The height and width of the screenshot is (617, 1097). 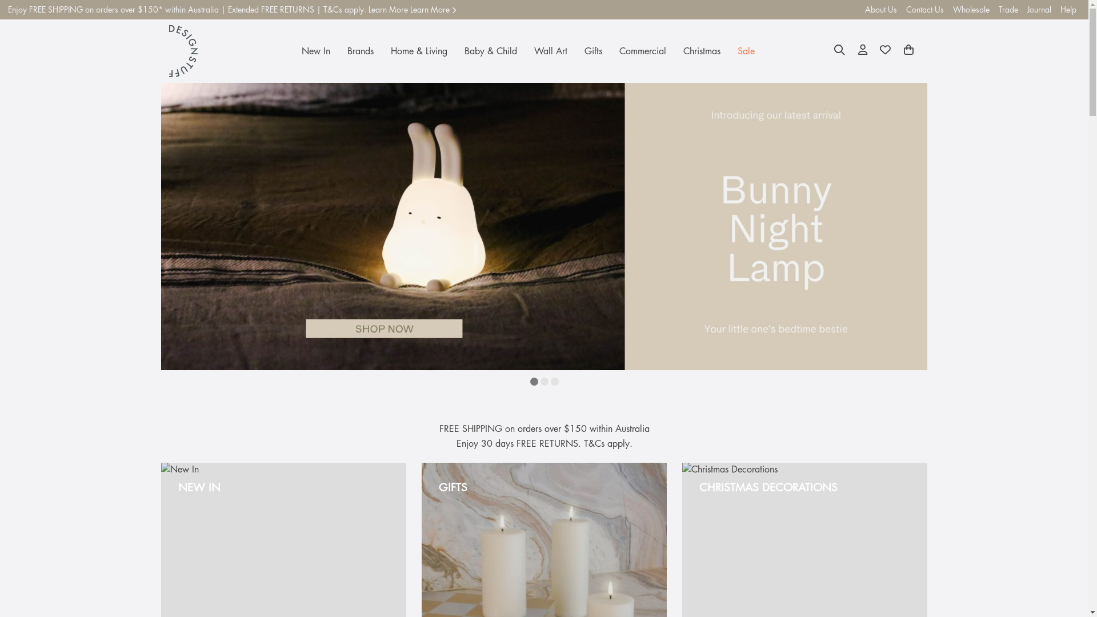 I want to click on 'Baby & Child', so click(x=491, y=50).